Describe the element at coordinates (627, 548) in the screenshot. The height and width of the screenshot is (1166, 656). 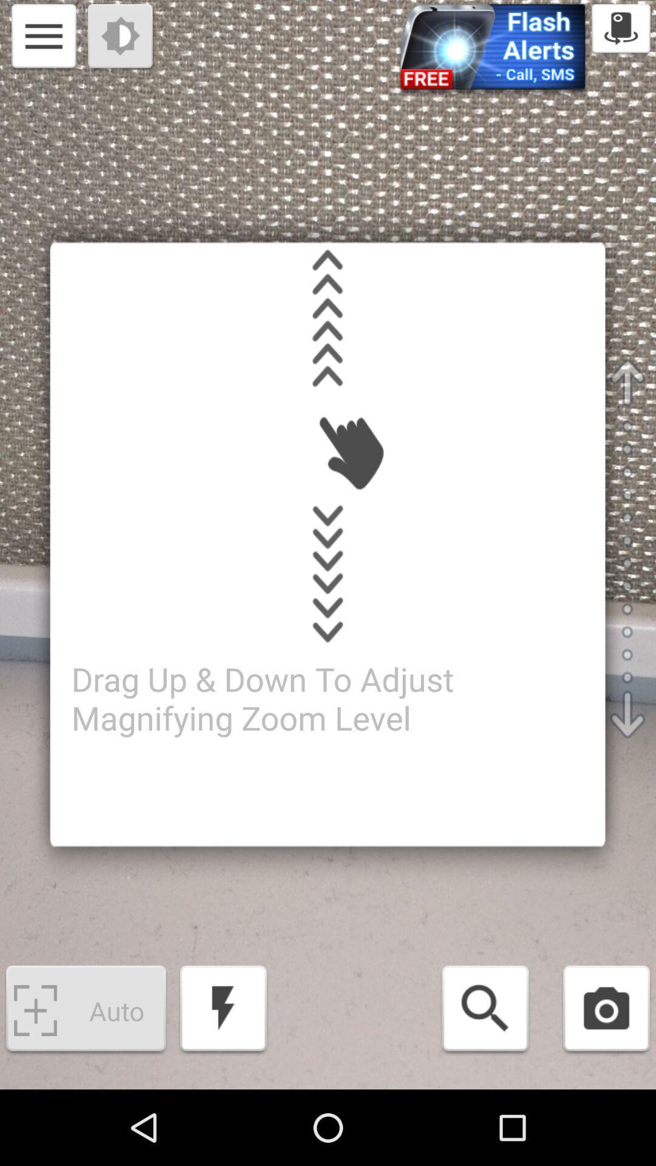
I see `the scroll bar` at that location.